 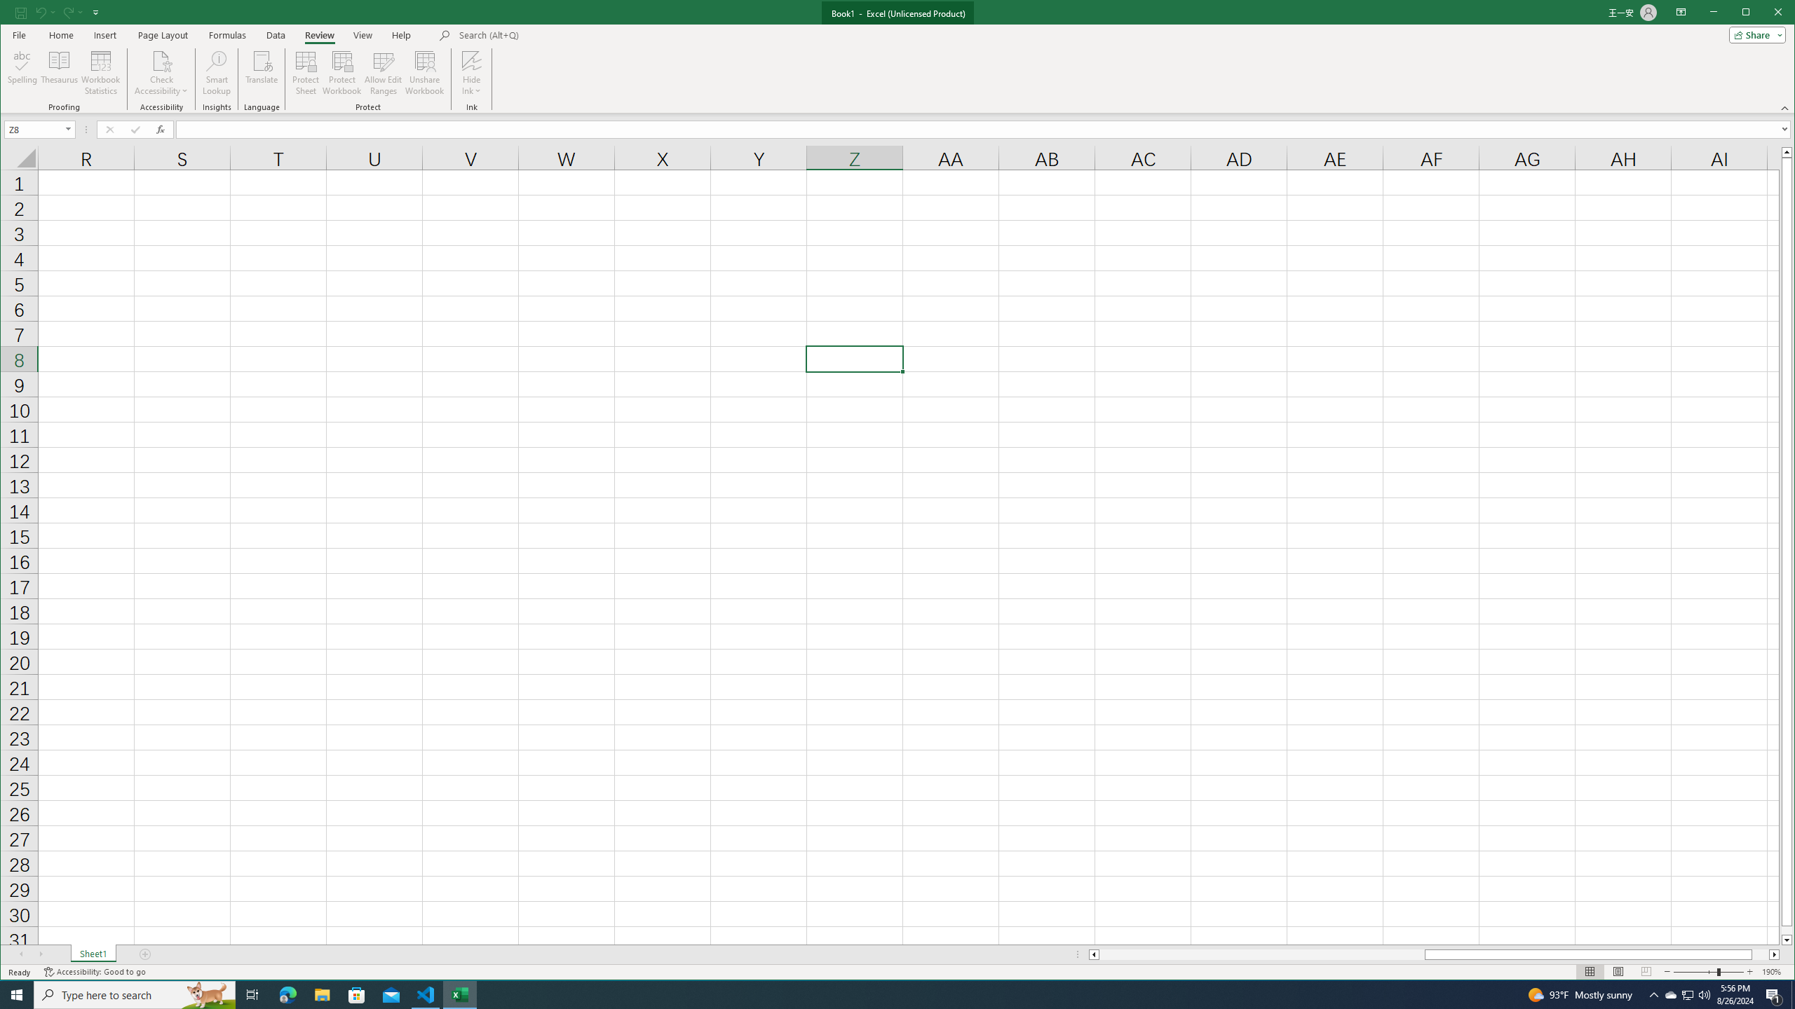 What do you see at coordinates (1686, 994) in the screenshot?
I see `'User Promoted Notification Area'` at bounding box center [1686, 994].